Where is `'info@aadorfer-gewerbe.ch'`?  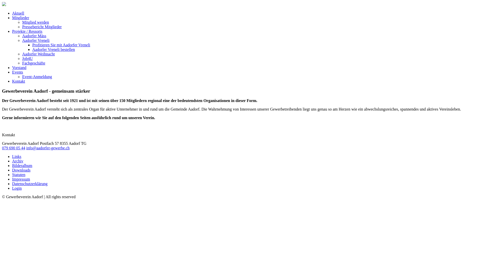
'info@aadorfer-gewerbe.ch' is located at coordinates (48, 148).